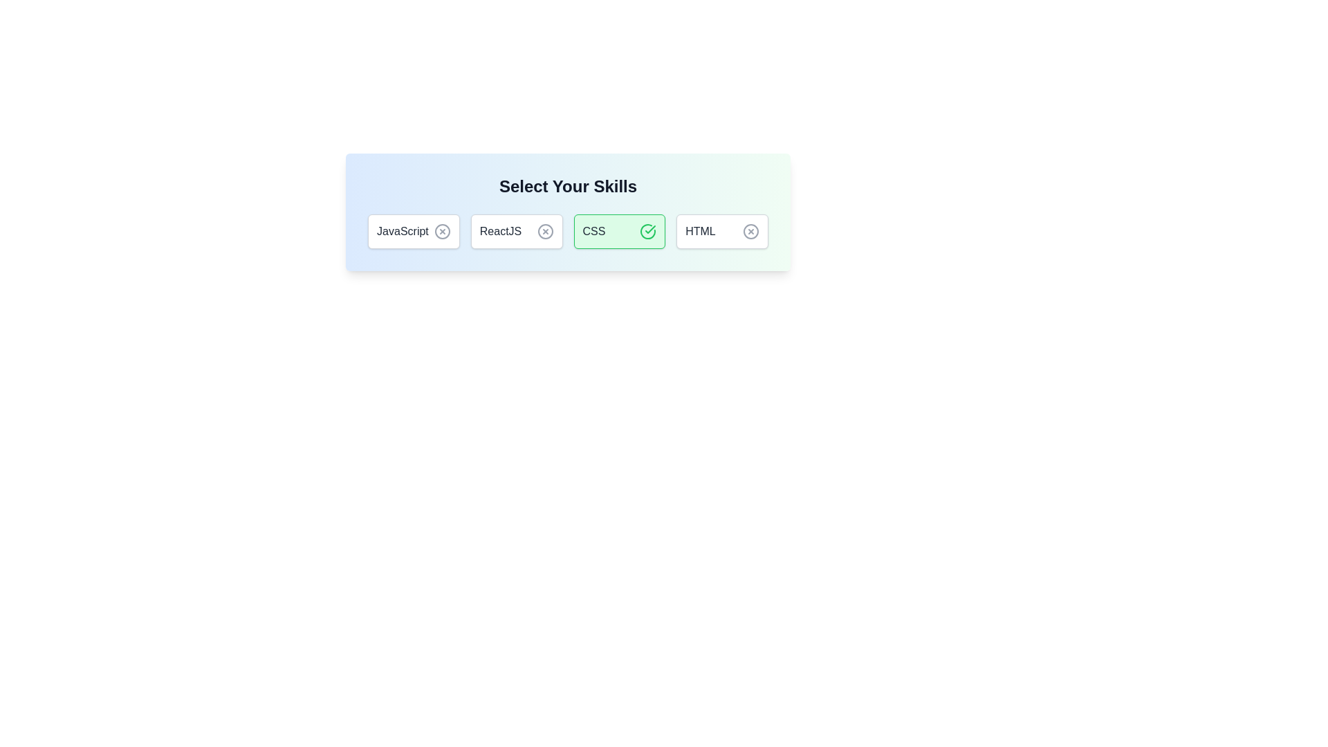 The height and width of the screenshot is (747, 1328). Describe the element at coordinates (413, 231) in the screenshot. I see `the button corresponding to JavaScript to toggle its selection state` at that location.